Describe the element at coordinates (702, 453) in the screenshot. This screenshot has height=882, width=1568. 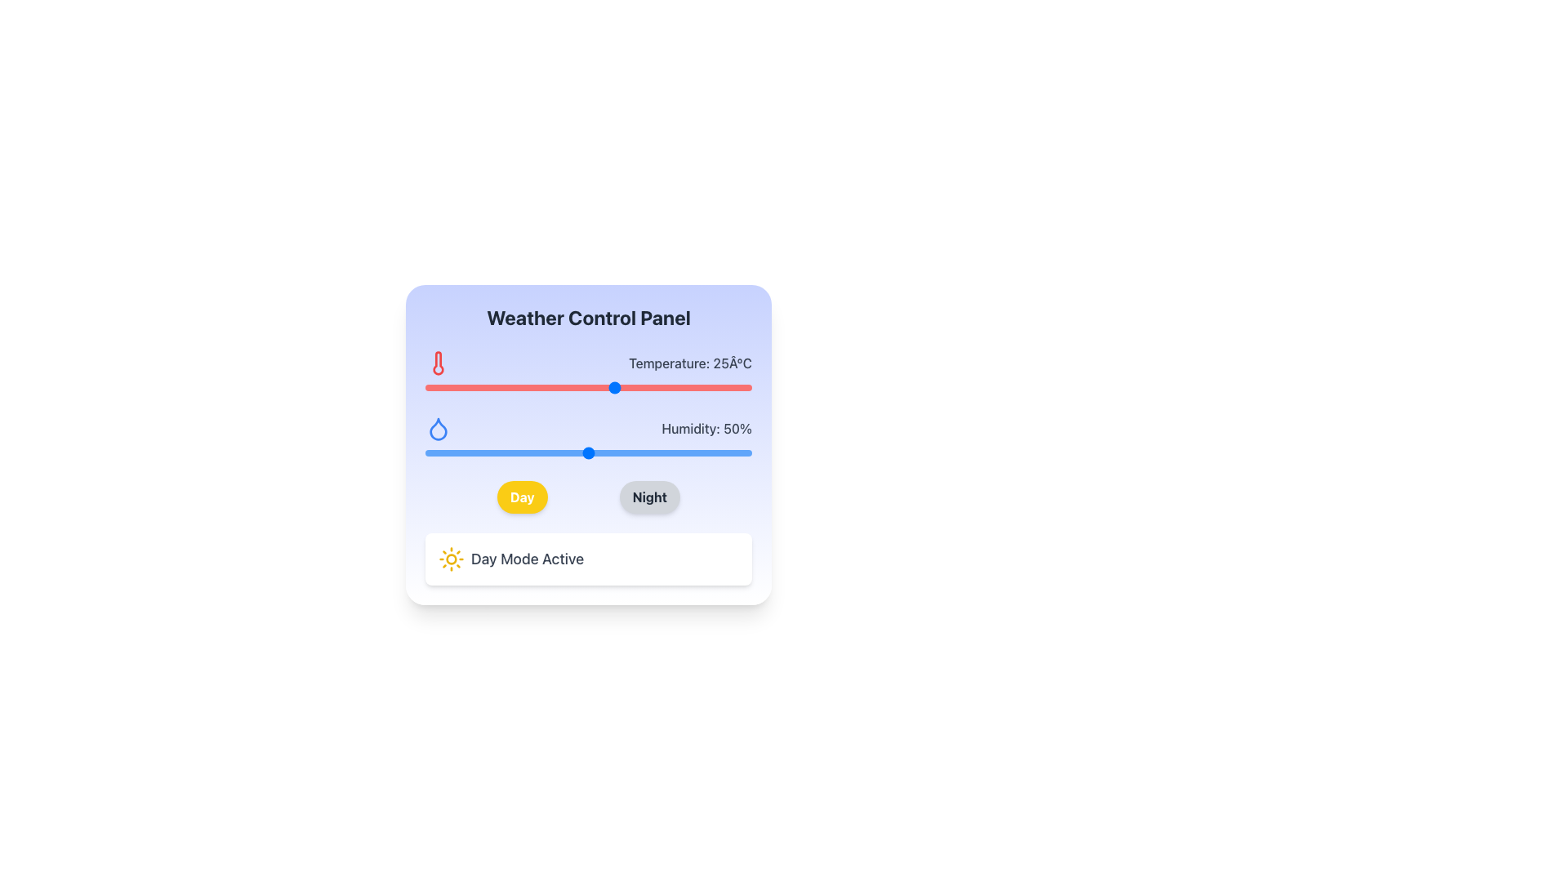
I see `humidity` at that location.